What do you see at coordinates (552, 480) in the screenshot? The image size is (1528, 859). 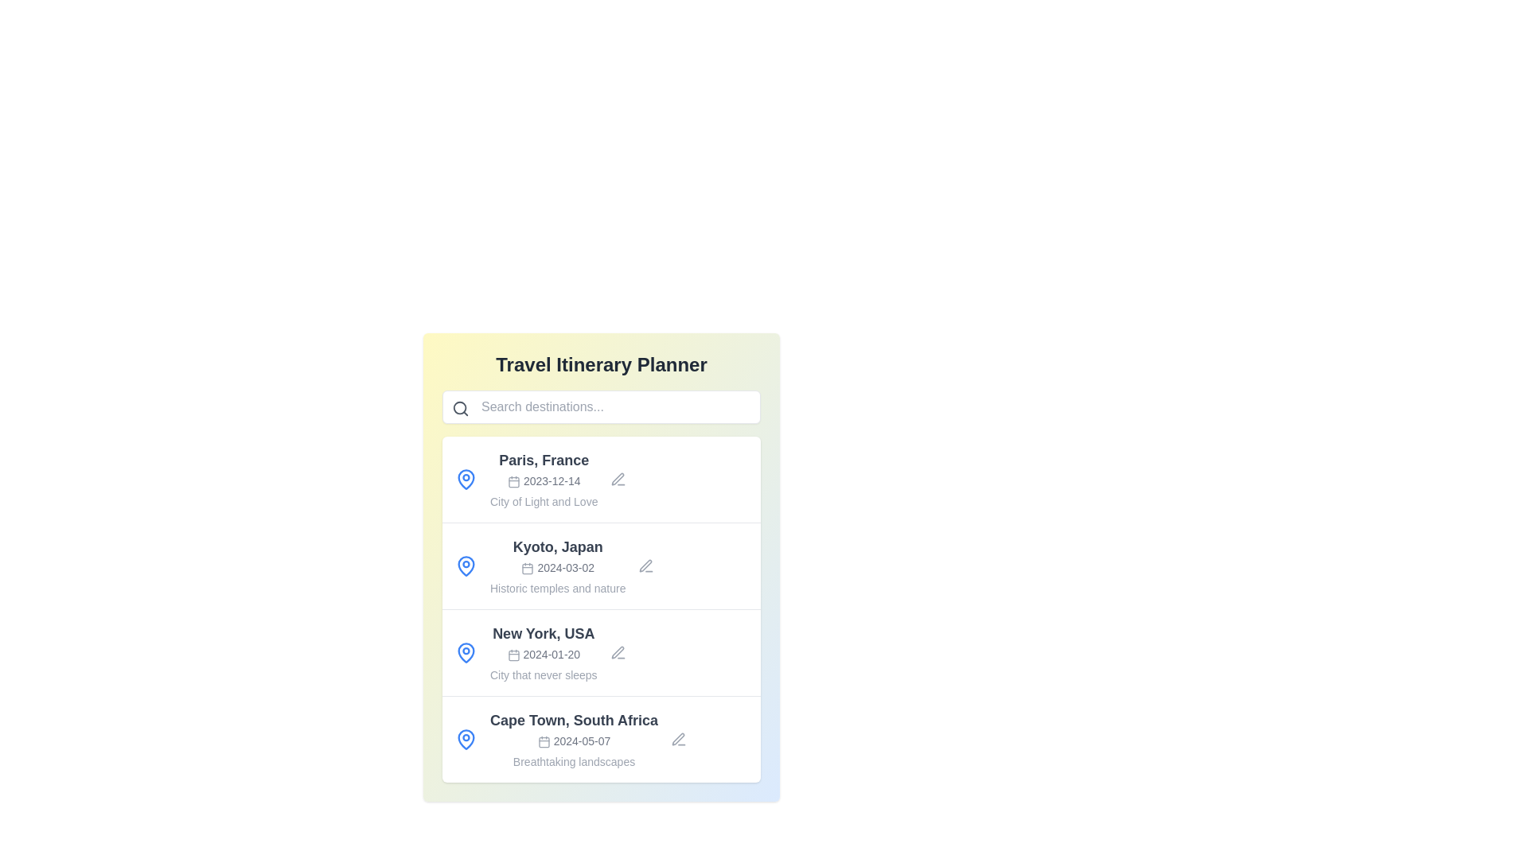 I see `the text label displaying the date for the 'Paris, France' itinerary, which is located next to a calendar icon and follows the city name` at bounding box center [552, 480].